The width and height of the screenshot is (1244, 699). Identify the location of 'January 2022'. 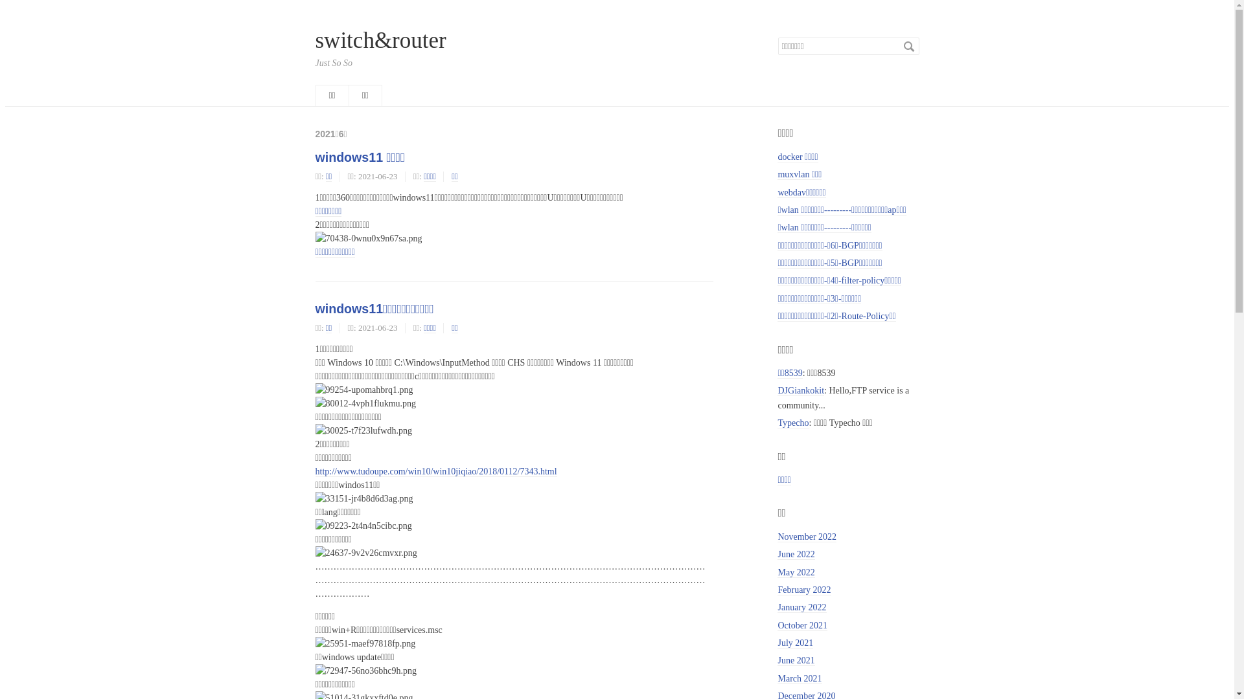
(801, 607).